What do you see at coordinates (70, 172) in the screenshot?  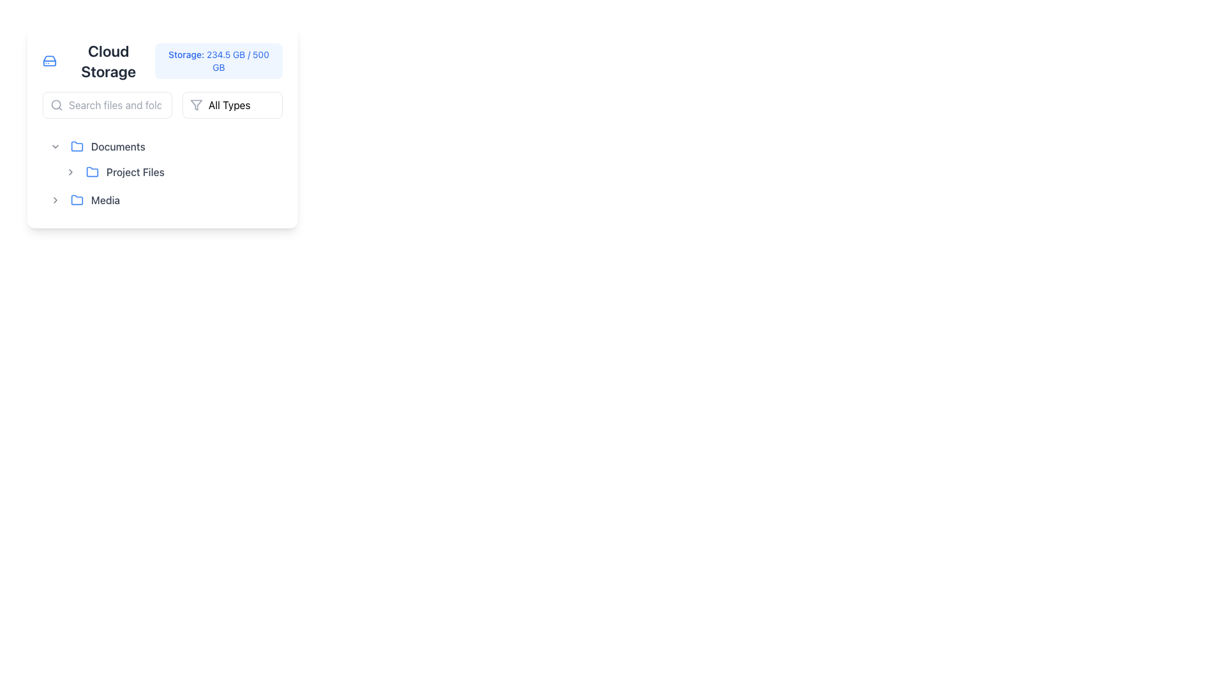 I see `the toggle button for the 'Project Files' folder` at bounding box center [70, 172].